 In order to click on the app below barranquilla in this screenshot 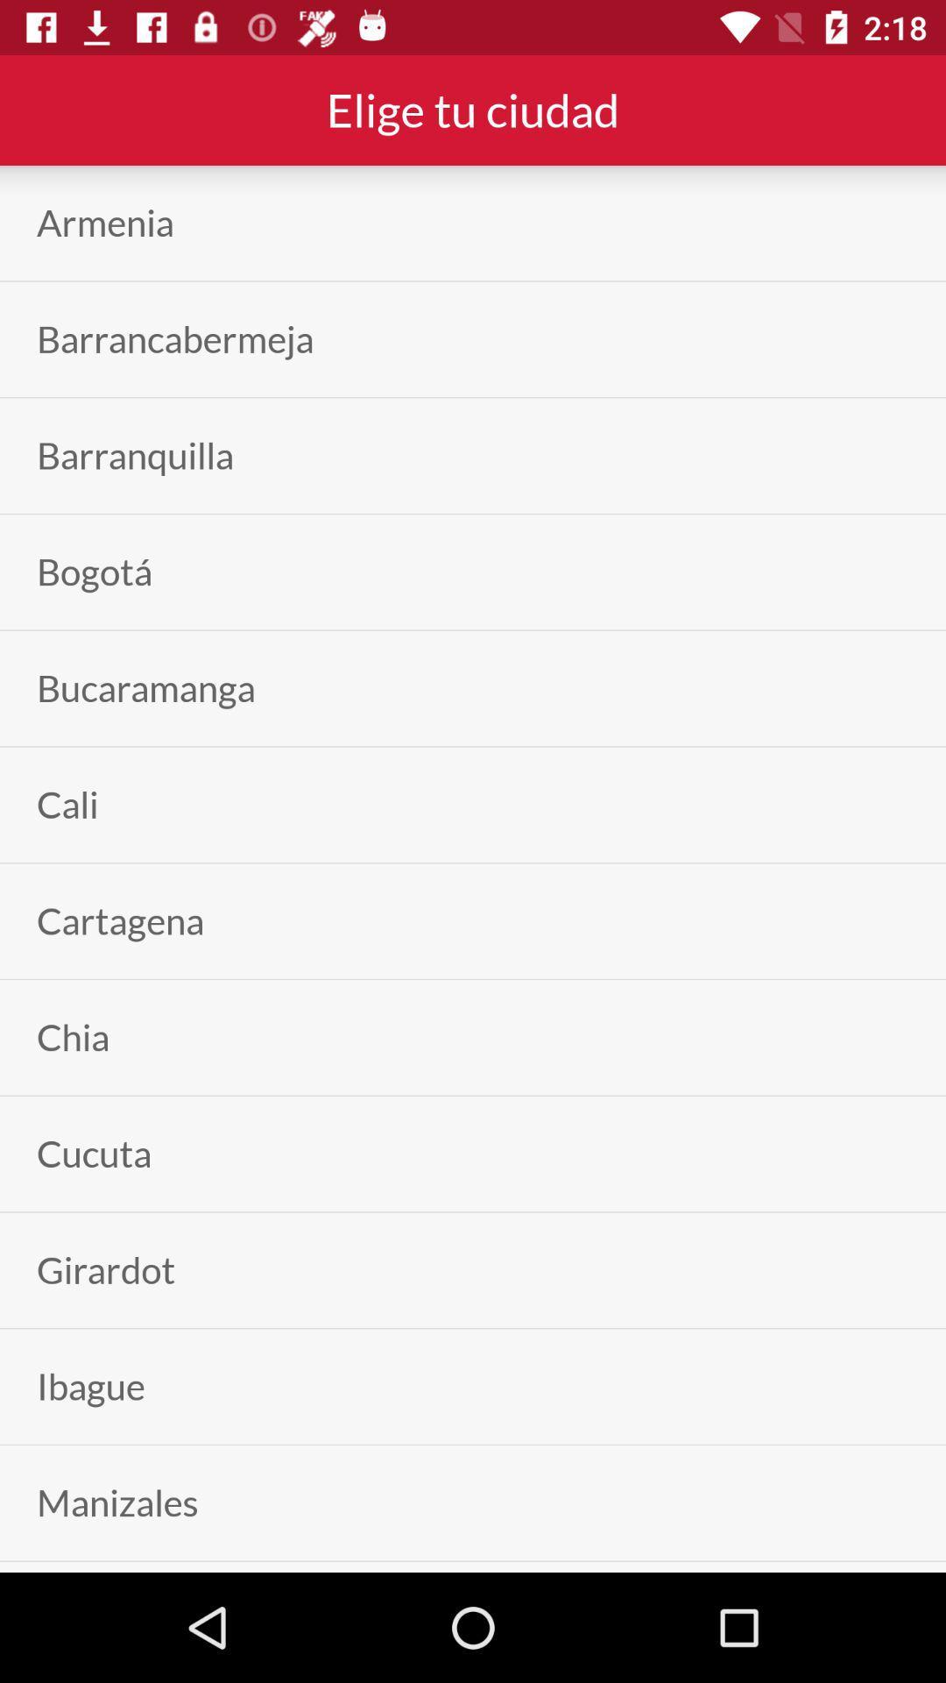, I will do `click(95, 572)`.